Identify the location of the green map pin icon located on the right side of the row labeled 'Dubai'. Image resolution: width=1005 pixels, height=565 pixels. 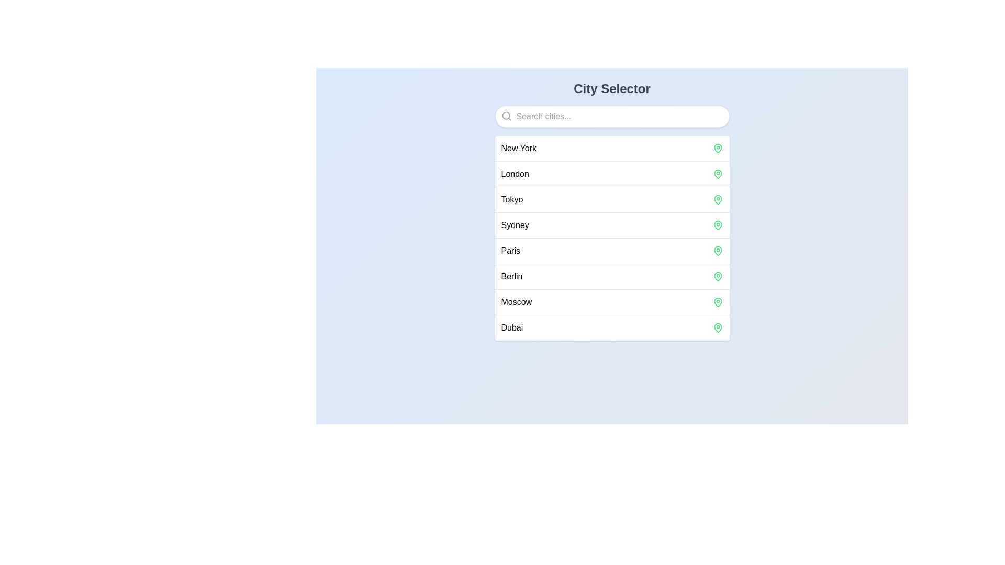
(717, 327).